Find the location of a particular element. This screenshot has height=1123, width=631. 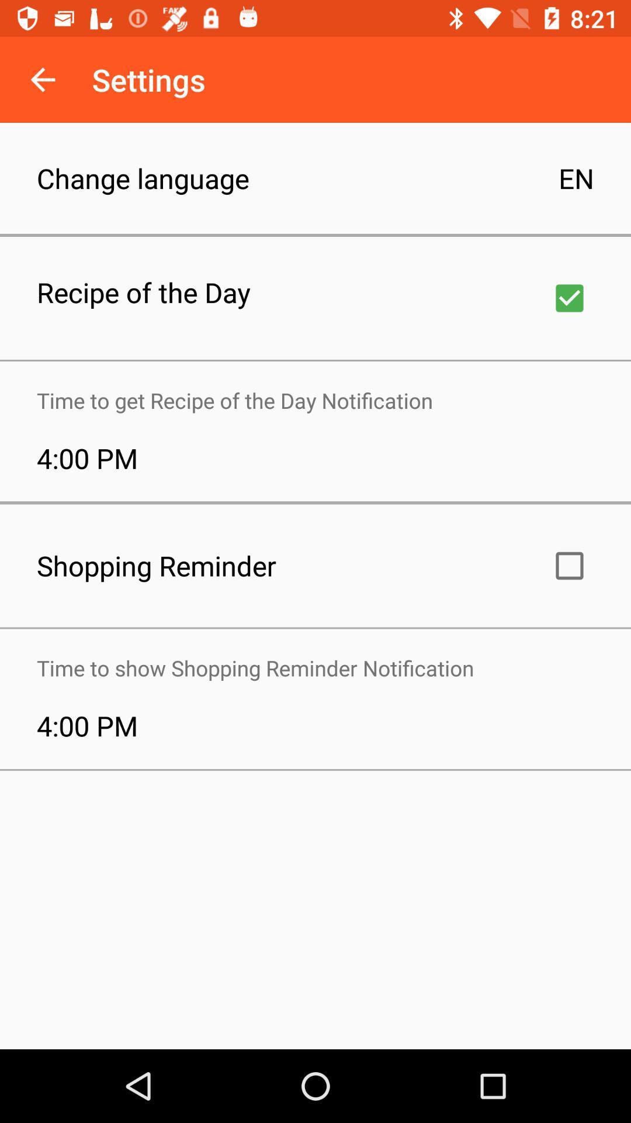

item to the left of the settings icon is located at coordinates (42, 79).